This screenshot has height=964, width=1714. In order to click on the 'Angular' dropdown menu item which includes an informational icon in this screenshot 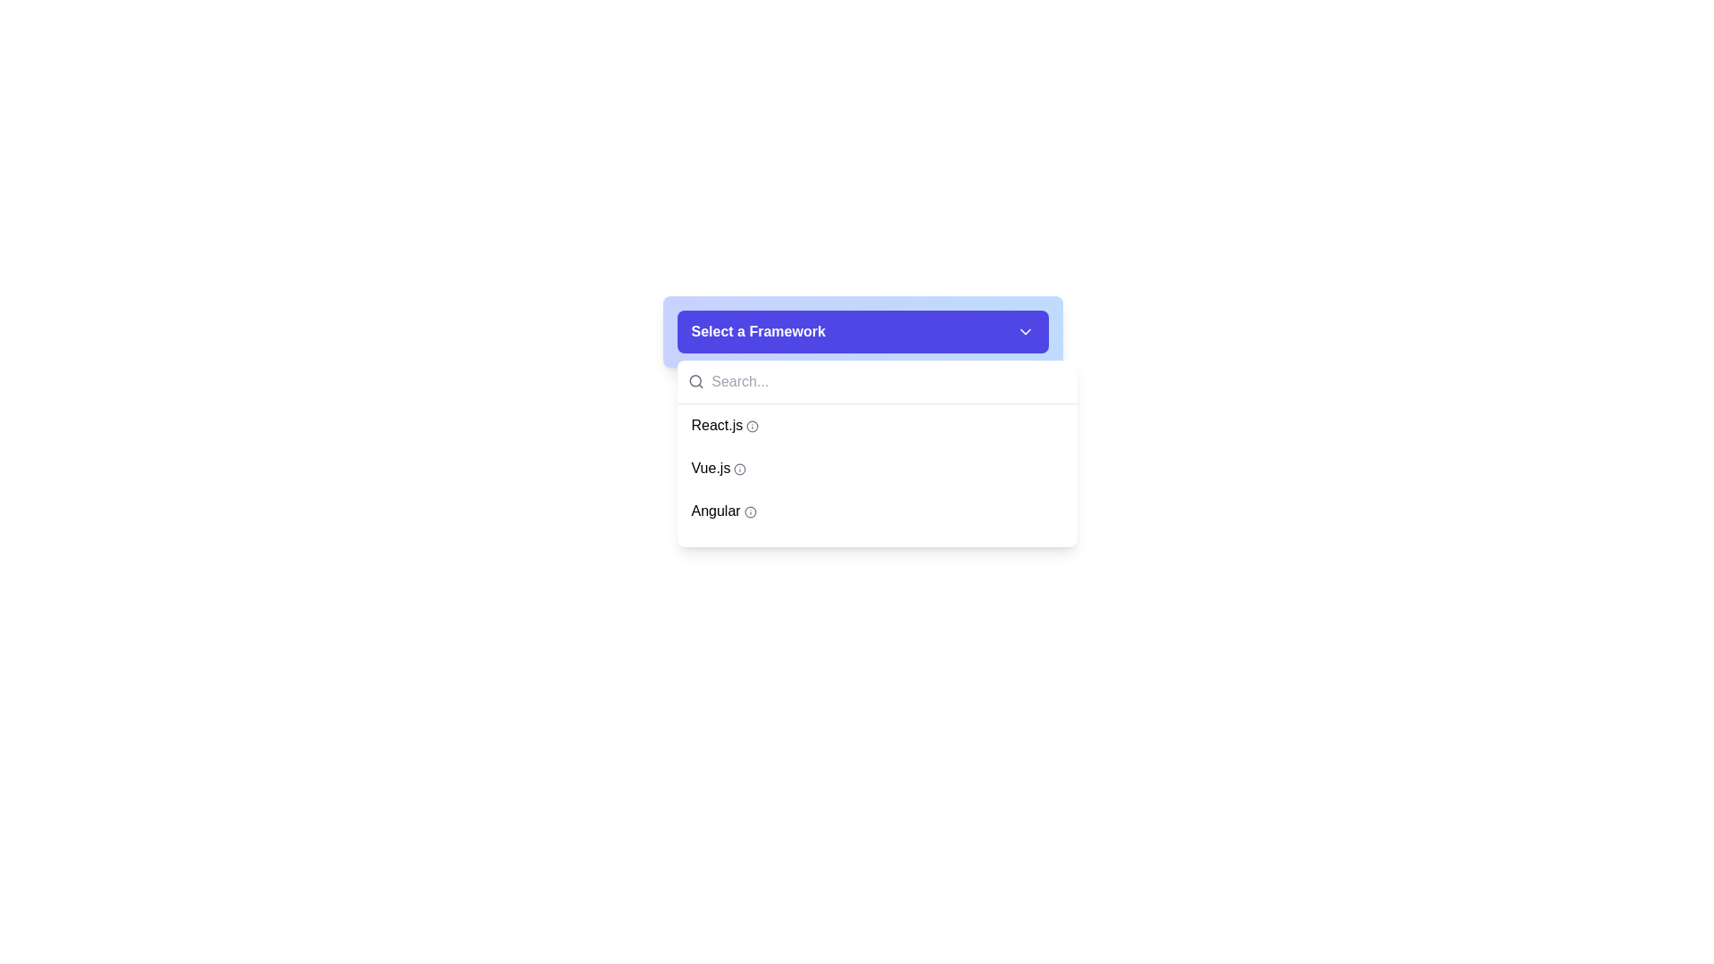, I will do `click(724, 511)`.